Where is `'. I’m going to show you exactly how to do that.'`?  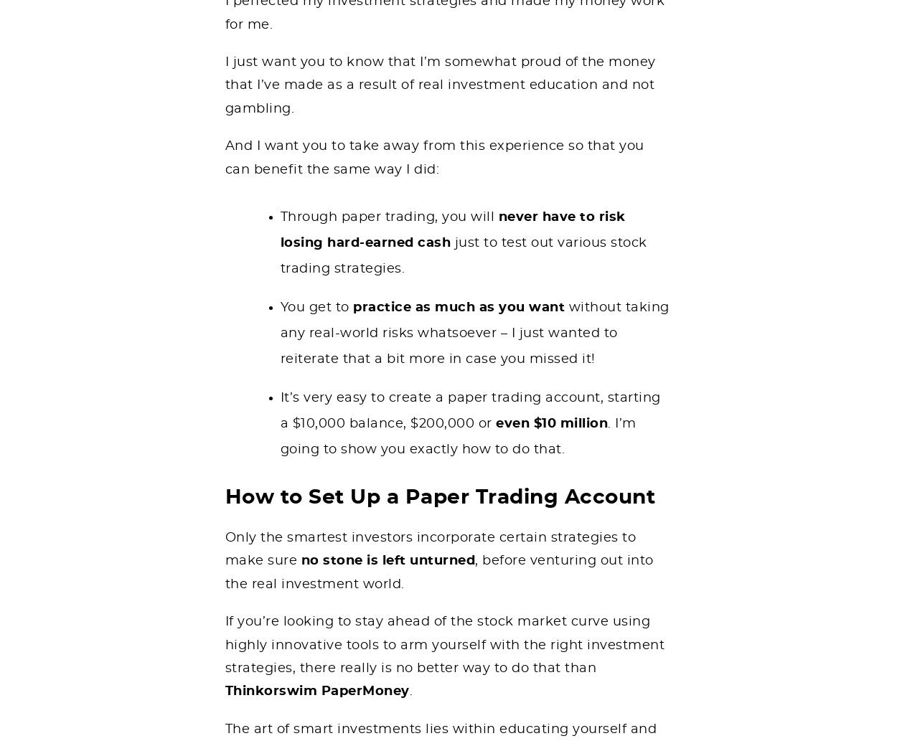 '. I’m going to show you exactly how to do that.' is located at coordinates (458, 435).